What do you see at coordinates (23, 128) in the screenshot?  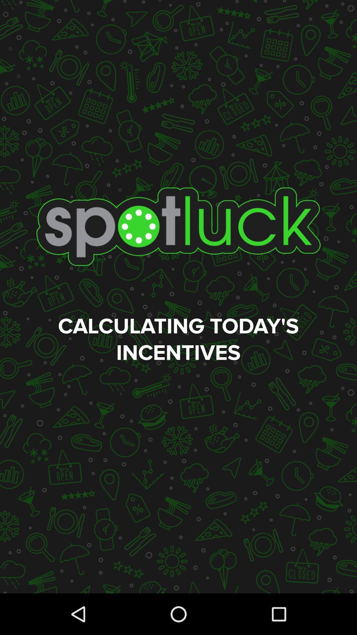 I see `the add icon` at bounding box center [23, 128].